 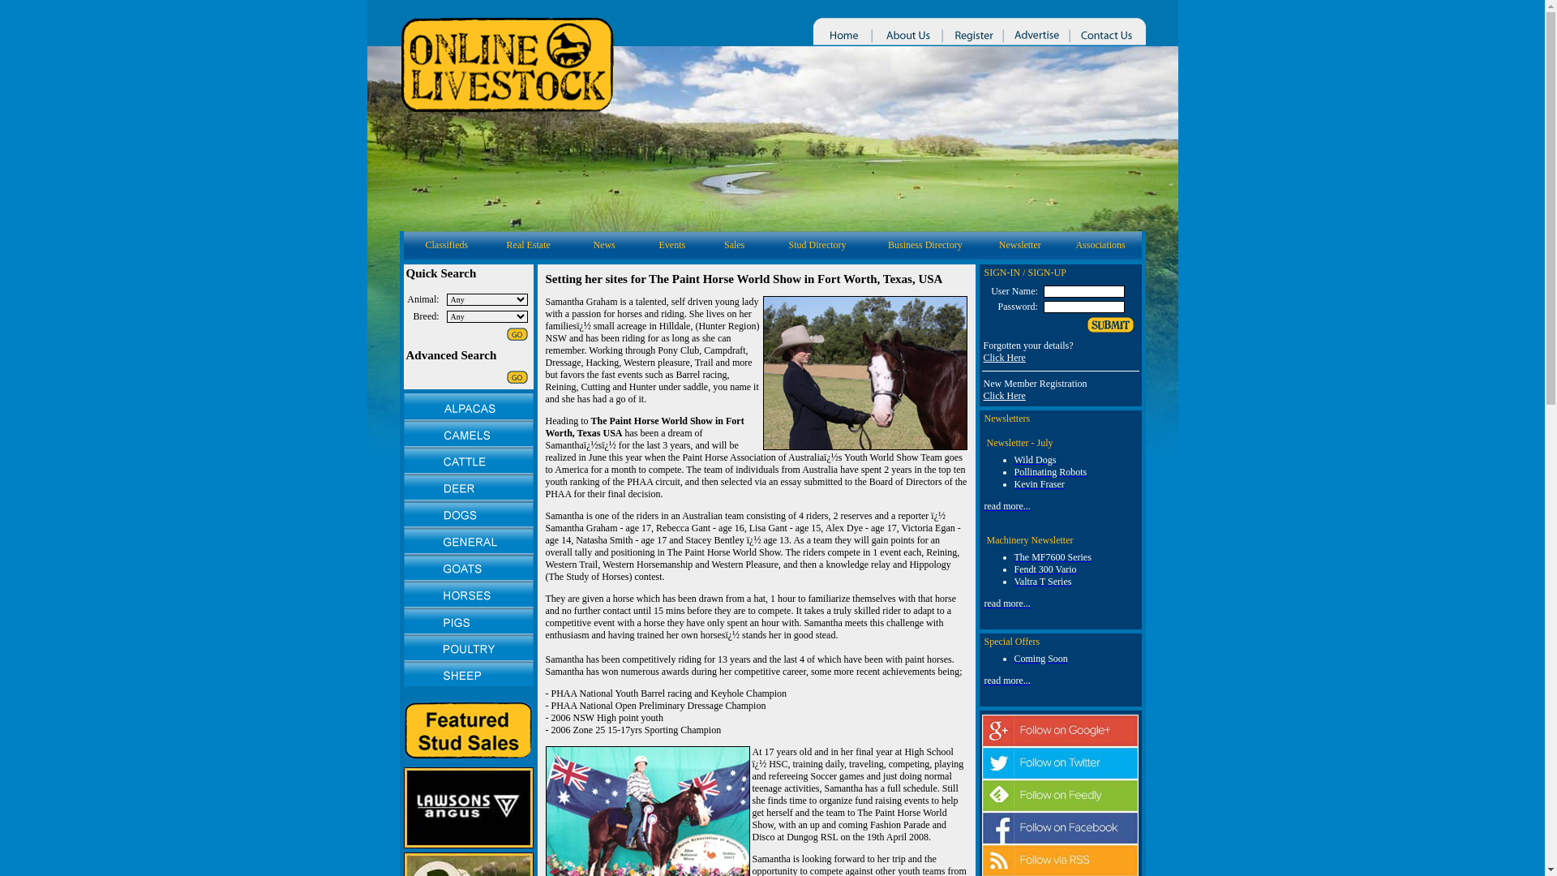 I want to click on 'Fendt 300 Vario', so click(x=1044, y=569).